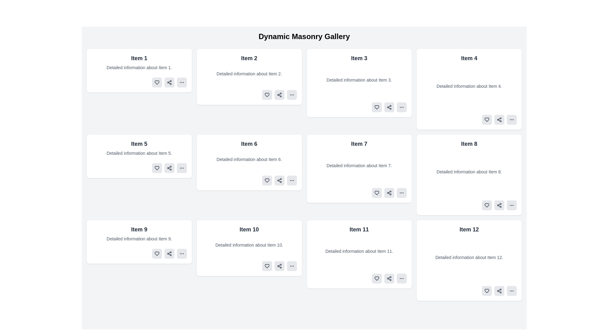  Describe the element at coordinates (512, 291) in the screenshot. I see `the circular button with three dots at the bottom-right corner of the 'Item 12' box` at that location.